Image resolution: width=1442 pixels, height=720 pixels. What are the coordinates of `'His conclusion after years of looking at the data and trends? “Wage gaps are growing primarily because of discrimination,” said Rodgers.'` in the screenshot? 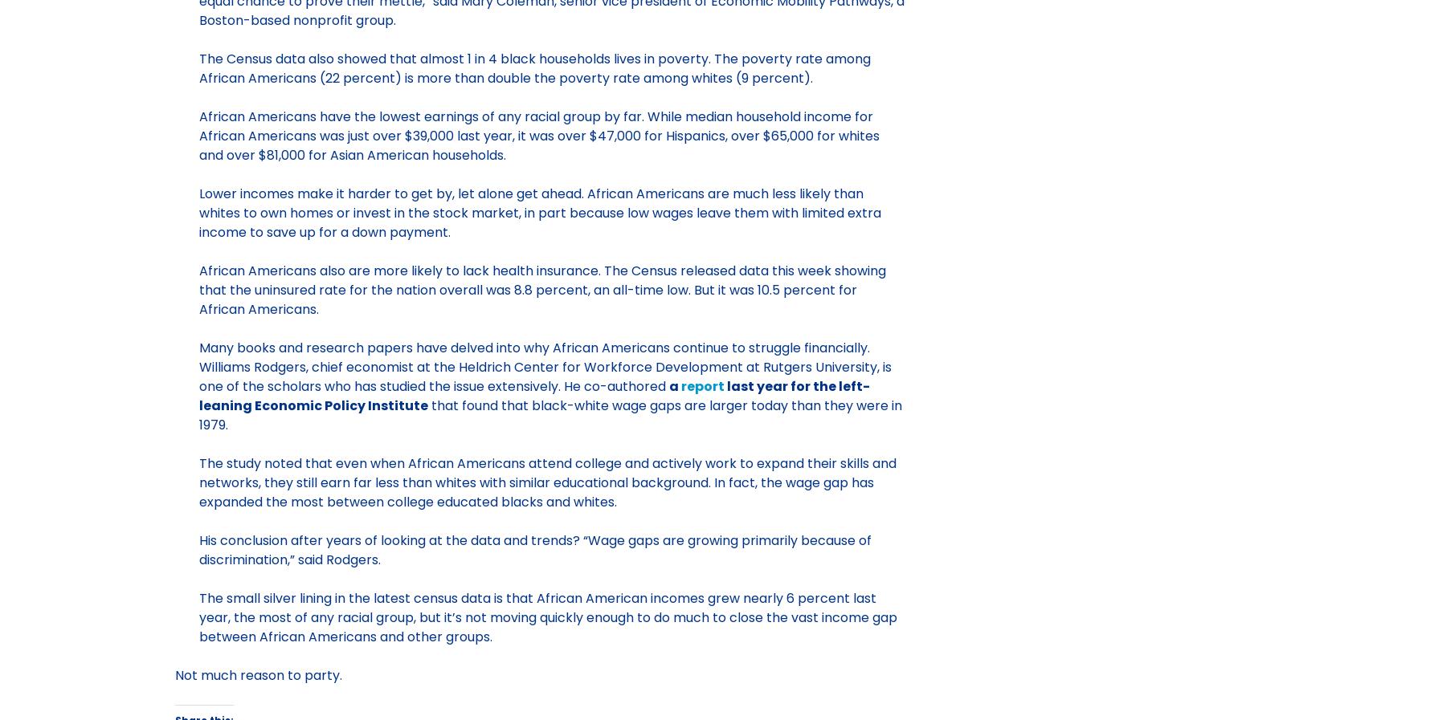 It's located at (197, 549).